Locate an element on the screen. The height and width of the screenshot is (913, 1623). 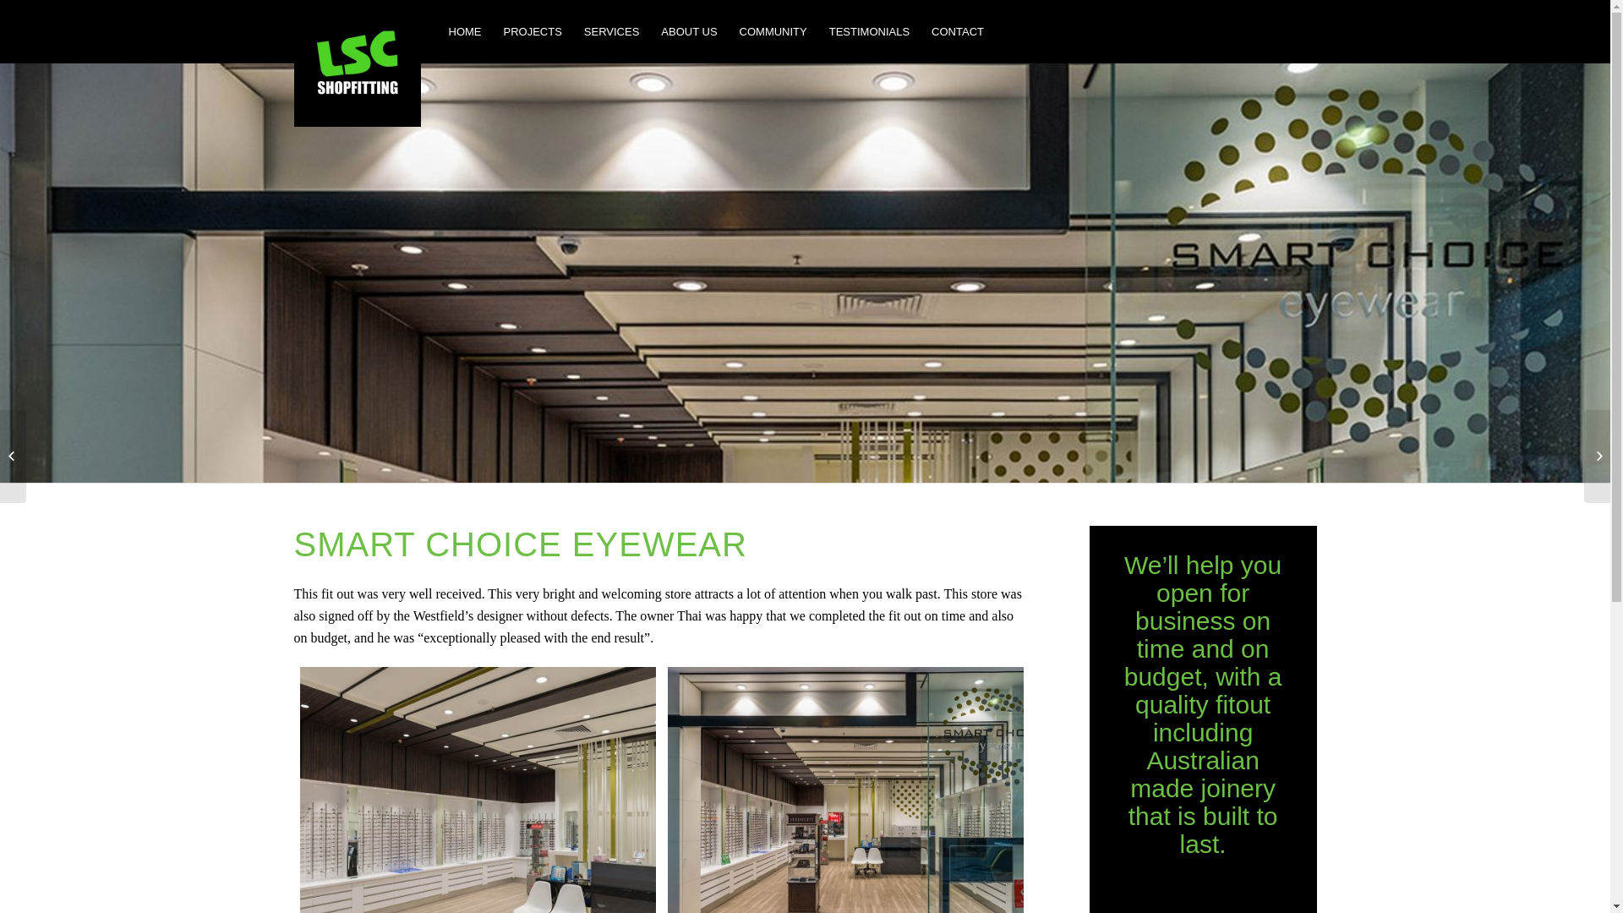
'HOME' is located at coordinates (465, 31).